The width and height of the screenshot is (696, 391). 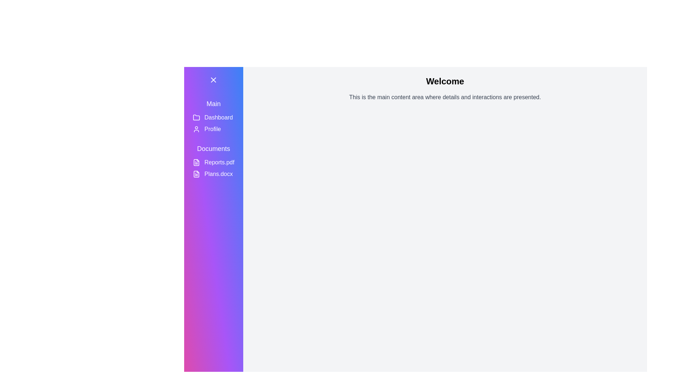 I want to click on the 'X' symbol icon located in the top-left corner of the sidebar, so click(x=213, y=80).